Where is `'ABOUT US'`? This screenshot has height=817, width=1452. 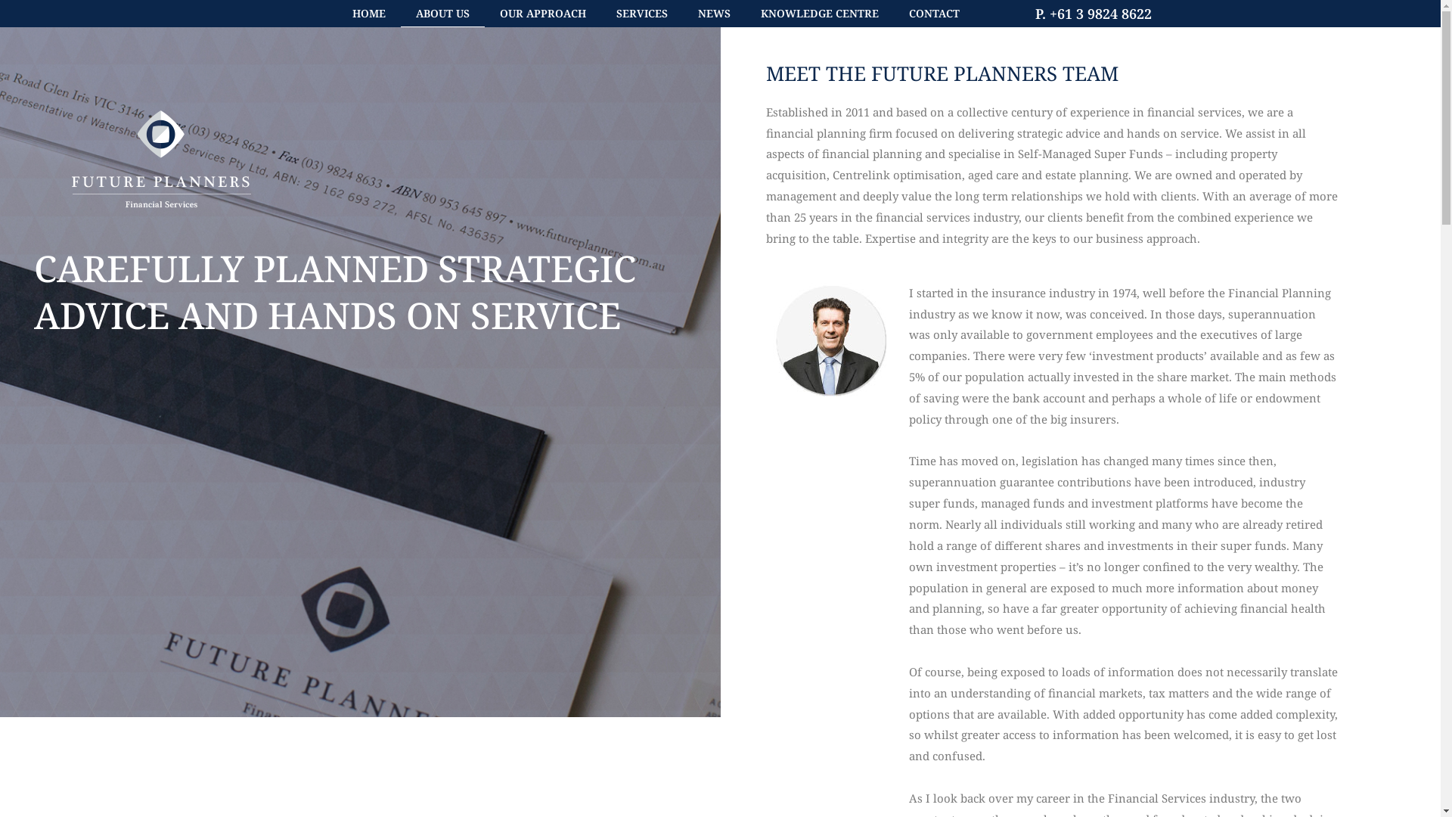 'ABOUT US' is located at coordinates (400, 14).